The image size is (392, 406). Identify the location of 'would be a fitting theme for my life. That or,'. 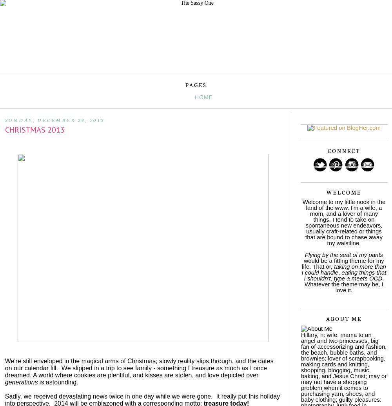
(342, 263).